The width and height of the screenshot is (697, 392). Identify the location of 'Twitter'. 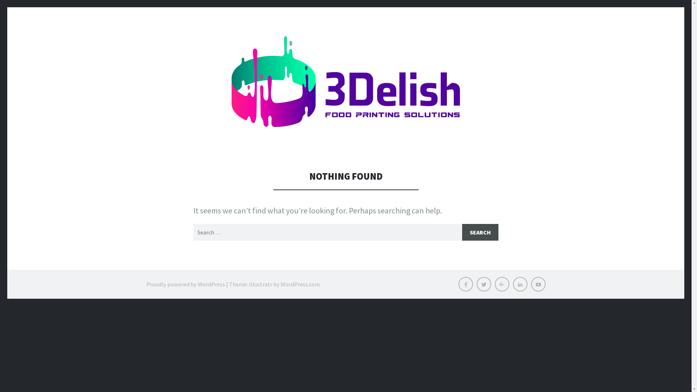
(484, 284).